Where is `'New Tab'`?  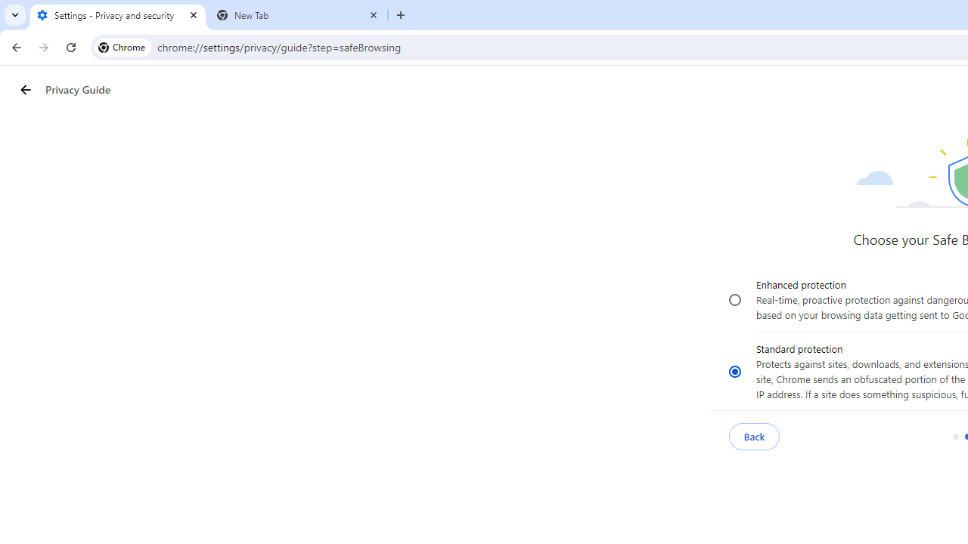
'New Tab' is located at coordinates (298, 15).